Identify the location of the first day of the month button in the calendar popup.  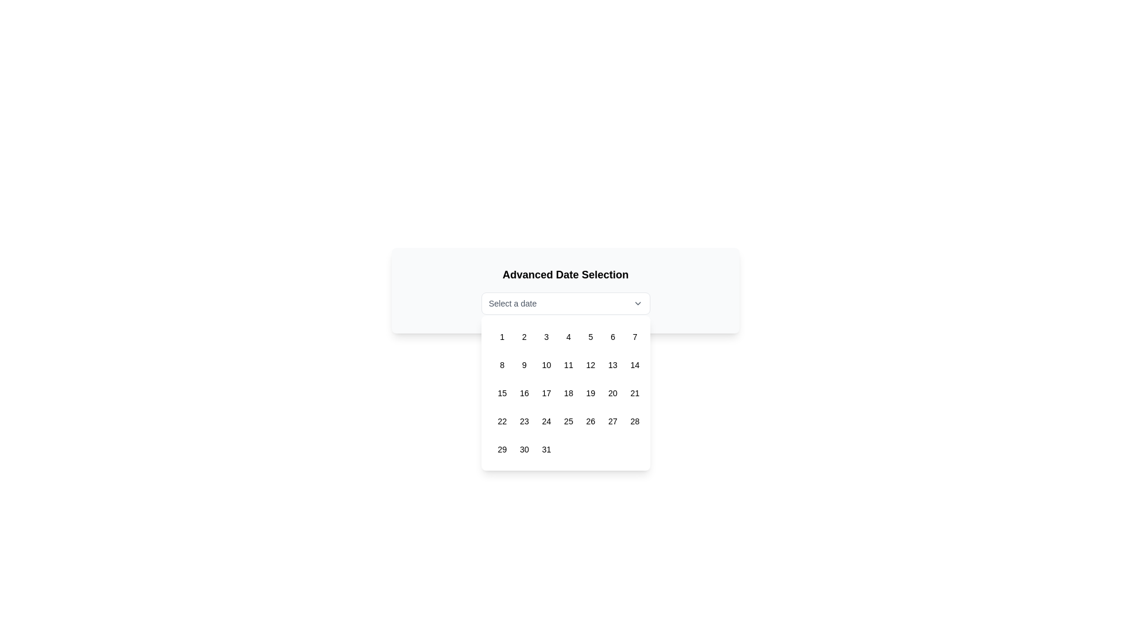
(502, 336).